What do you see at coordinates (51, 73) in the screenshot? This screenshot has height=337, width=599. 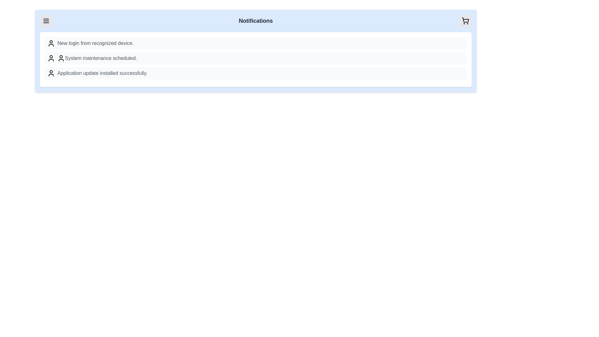 I see `the user figure icon located at the far left of the notification text 'Application update installed successfully.'` at bounding box center [51, 73].